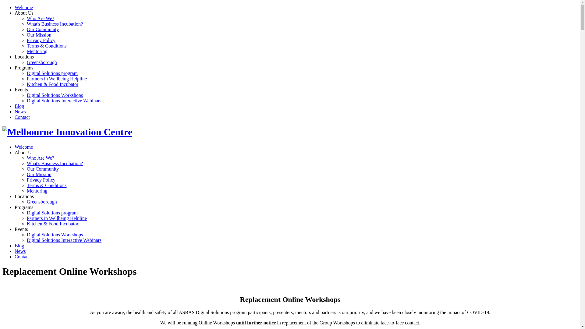 This screenshot has height=329, width=585. Describe the element at coordinates (52, 212) in the screenshot. I see `'Digital Solutions program'` at that location.